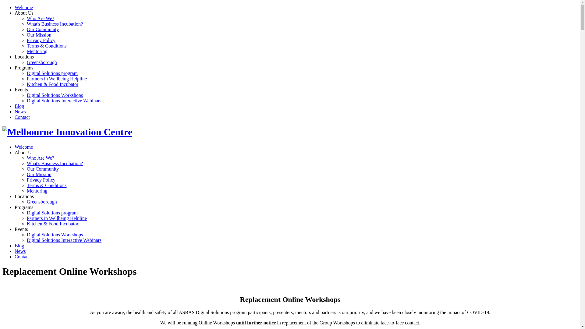 This screenshot has height=329, width=585. Describe the element at coordinates (52, 212) in the screenshot. I see `'Digital Solutions program'` at that location.